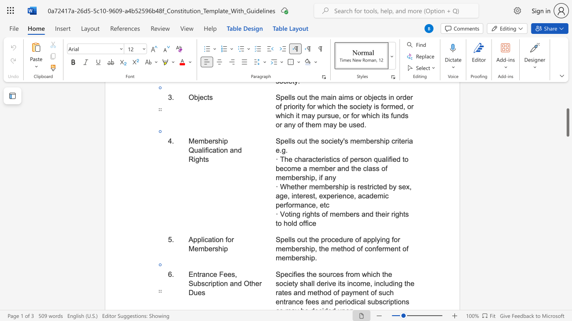  I want to click on the 3th character "c" in the text, so click(363, 195).